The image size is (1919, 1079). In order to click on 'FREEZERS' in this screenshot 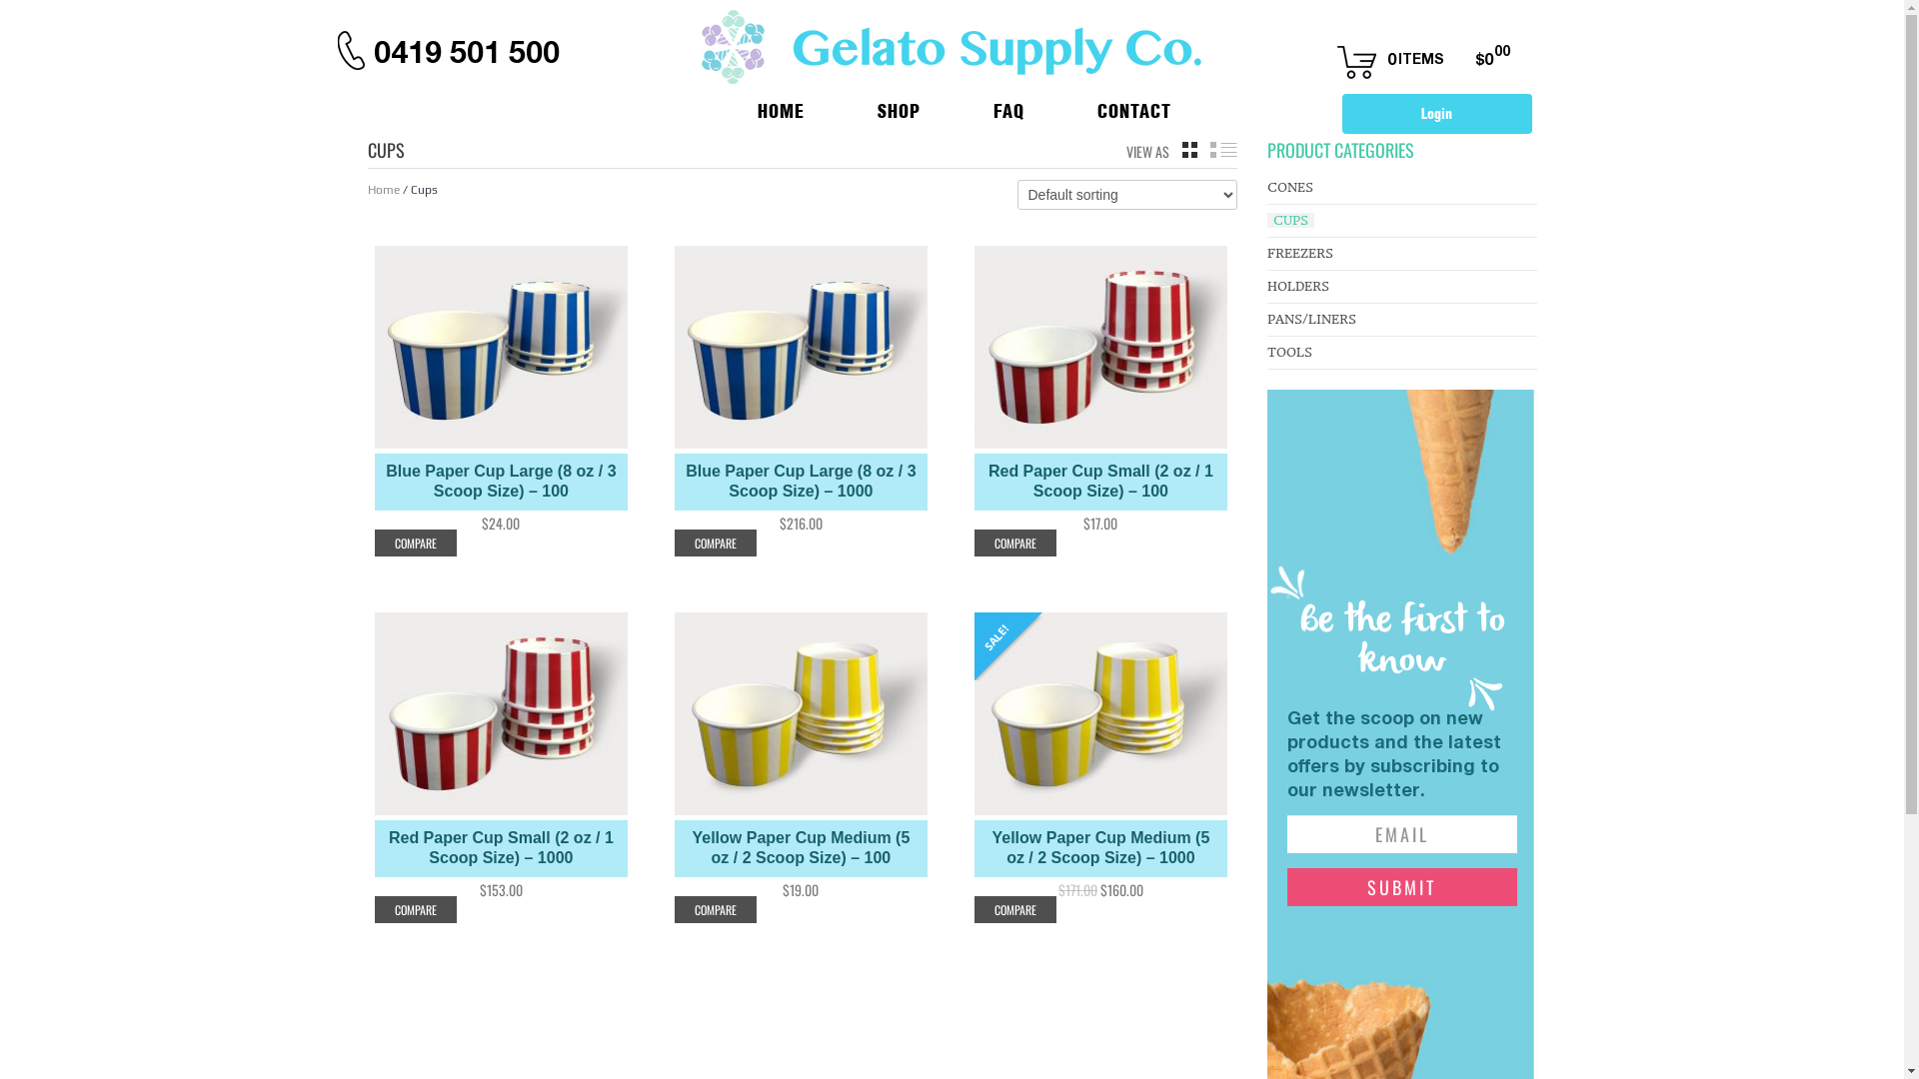, I will do `click(1299, 252)`.